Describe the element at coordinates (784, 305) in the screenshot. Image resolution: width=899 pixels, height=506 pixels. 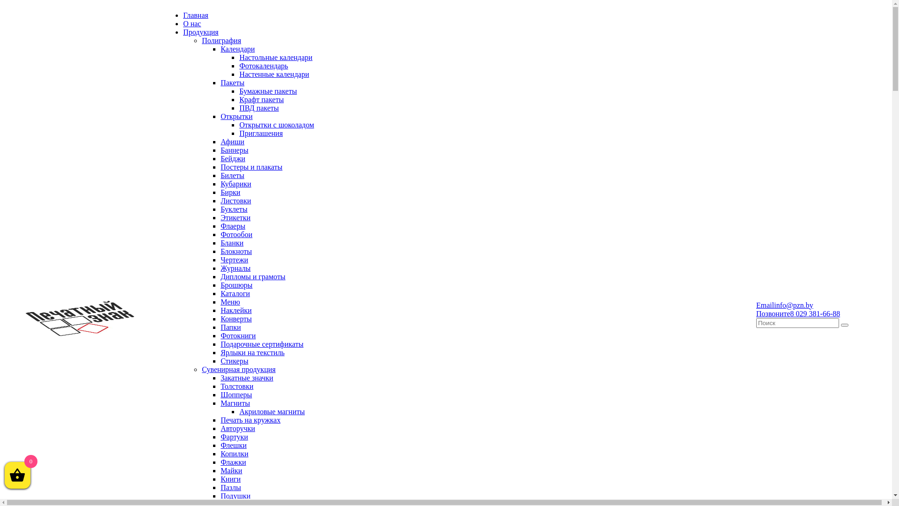
I see `'Emailinfo@pzn.by'` at that location.